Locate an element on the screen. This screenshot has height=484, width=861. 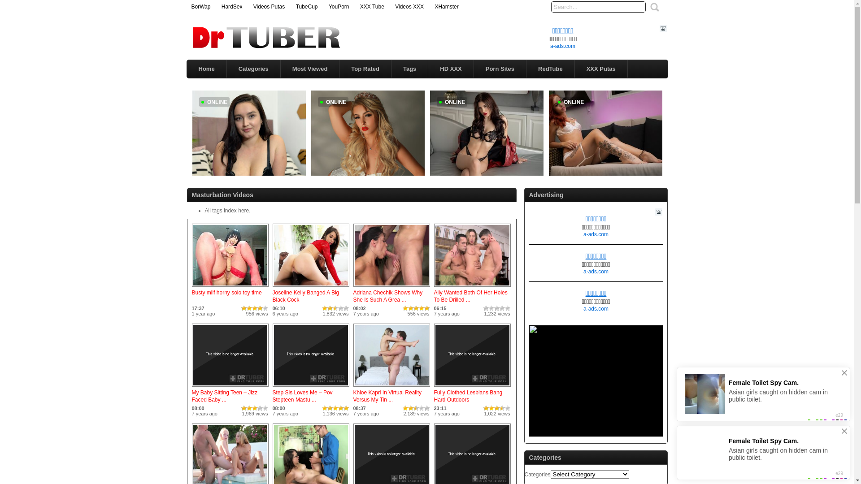
'HD XXX' is located at coordinates (450, 68).